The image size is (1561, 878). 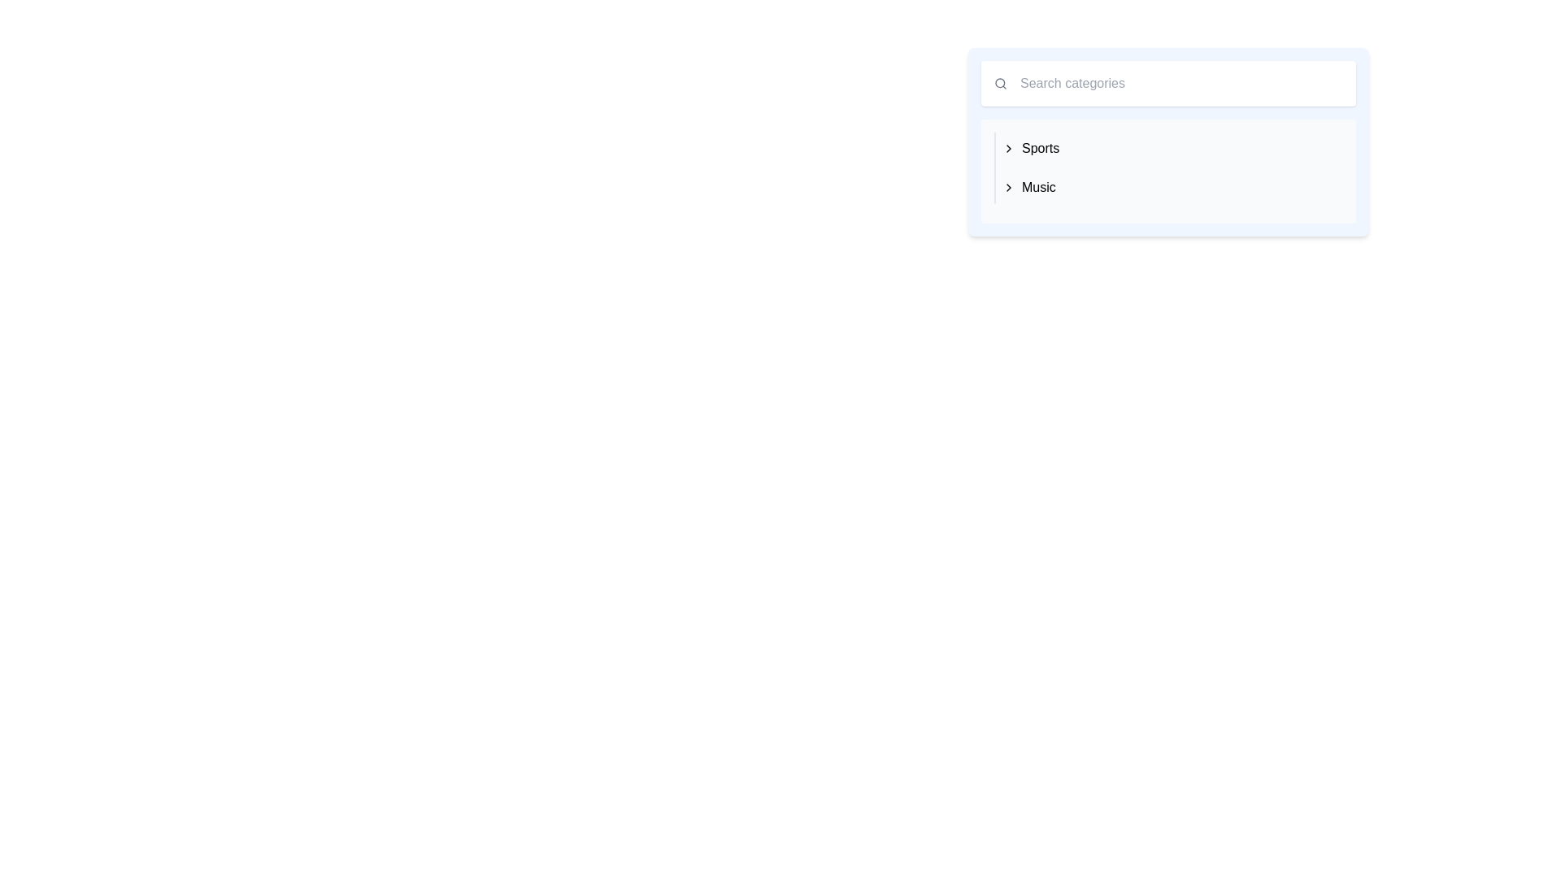 I want to click on the search icon located at the top-left corner of the search input field, which signifies search functionality, so click(x=999, y=84).